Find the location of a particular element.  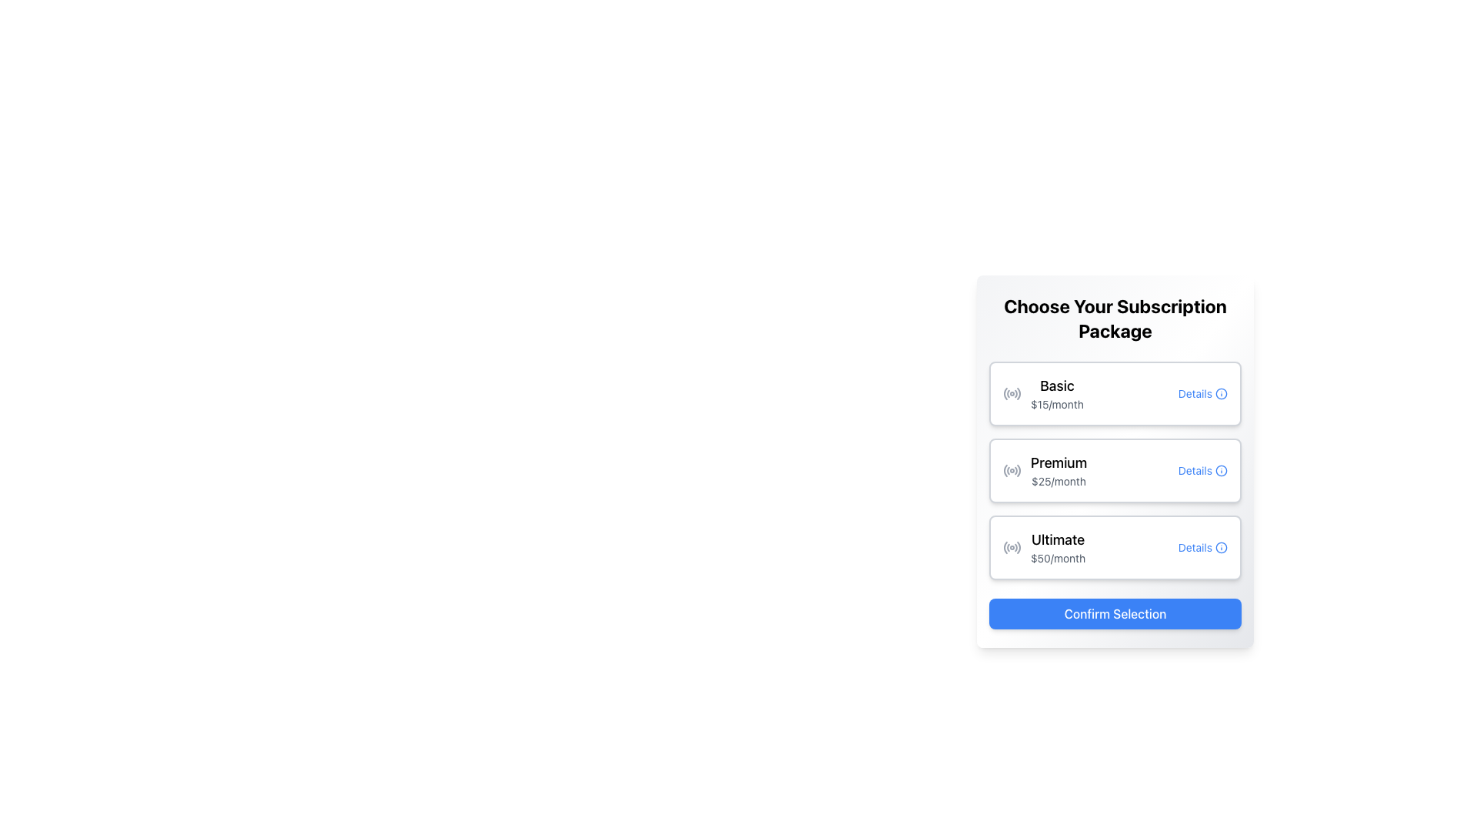

informational Text Label representing the 'Basic' subscription plan with a monthly cost of $15, located within the subscription plan selector interface is located at coordinates (1056, 393).